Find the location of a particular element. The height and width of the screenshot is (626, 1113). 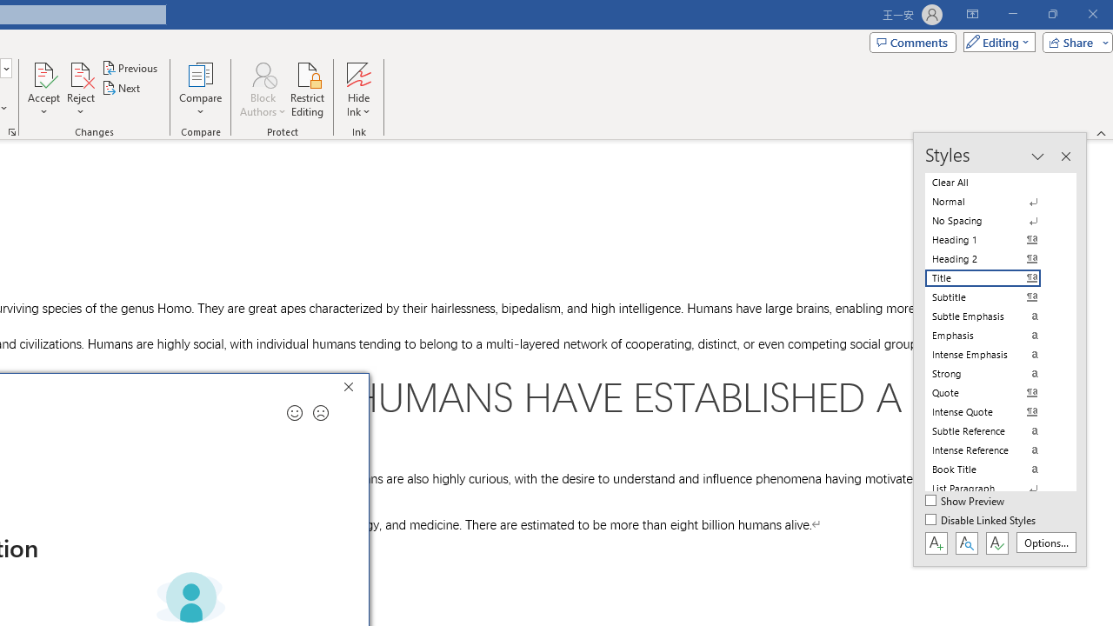

'Strong' is located at coordinates (993, 372).